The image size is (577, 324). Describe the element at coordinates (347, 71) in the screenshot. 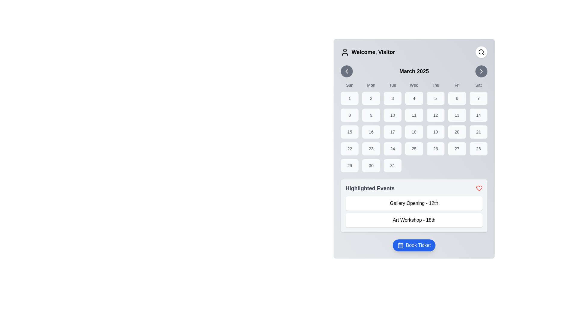

I see `the small left-pointing chevron icon located in the header section next to the Welcome label` at that location.